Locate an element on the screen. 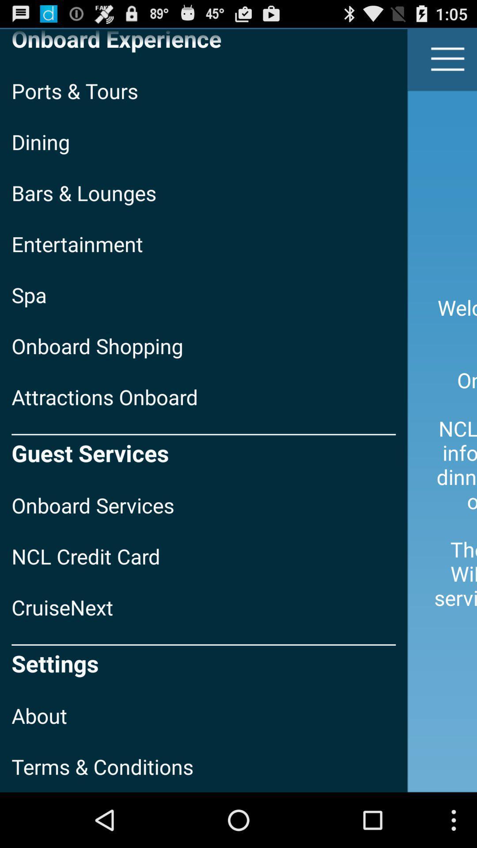 The height and width of the screenshot is (848, 477). app above the welcome to the item is located at coordinates (448, 58).